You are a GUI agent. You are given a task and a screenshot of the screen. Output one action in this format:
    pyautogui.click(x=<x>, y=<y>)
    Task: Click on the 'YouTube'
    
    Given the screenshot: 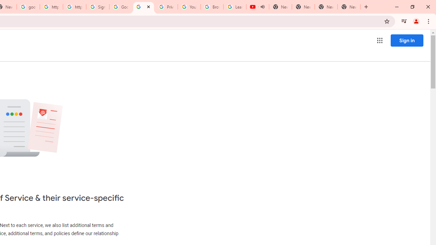 What is the action you would take?
    pyautogui.click(x=189, y=7)
    